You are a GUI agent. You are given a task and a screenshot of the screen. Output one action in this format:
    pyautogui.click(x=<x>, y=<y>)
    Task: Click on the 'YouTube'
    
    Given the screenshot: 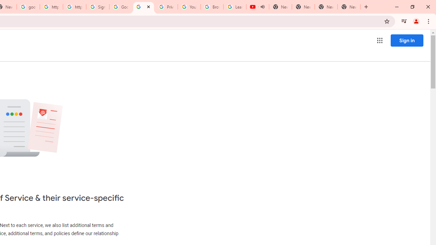 What is the action you would take?
    pyautogui.click(x=189, y=7)
    